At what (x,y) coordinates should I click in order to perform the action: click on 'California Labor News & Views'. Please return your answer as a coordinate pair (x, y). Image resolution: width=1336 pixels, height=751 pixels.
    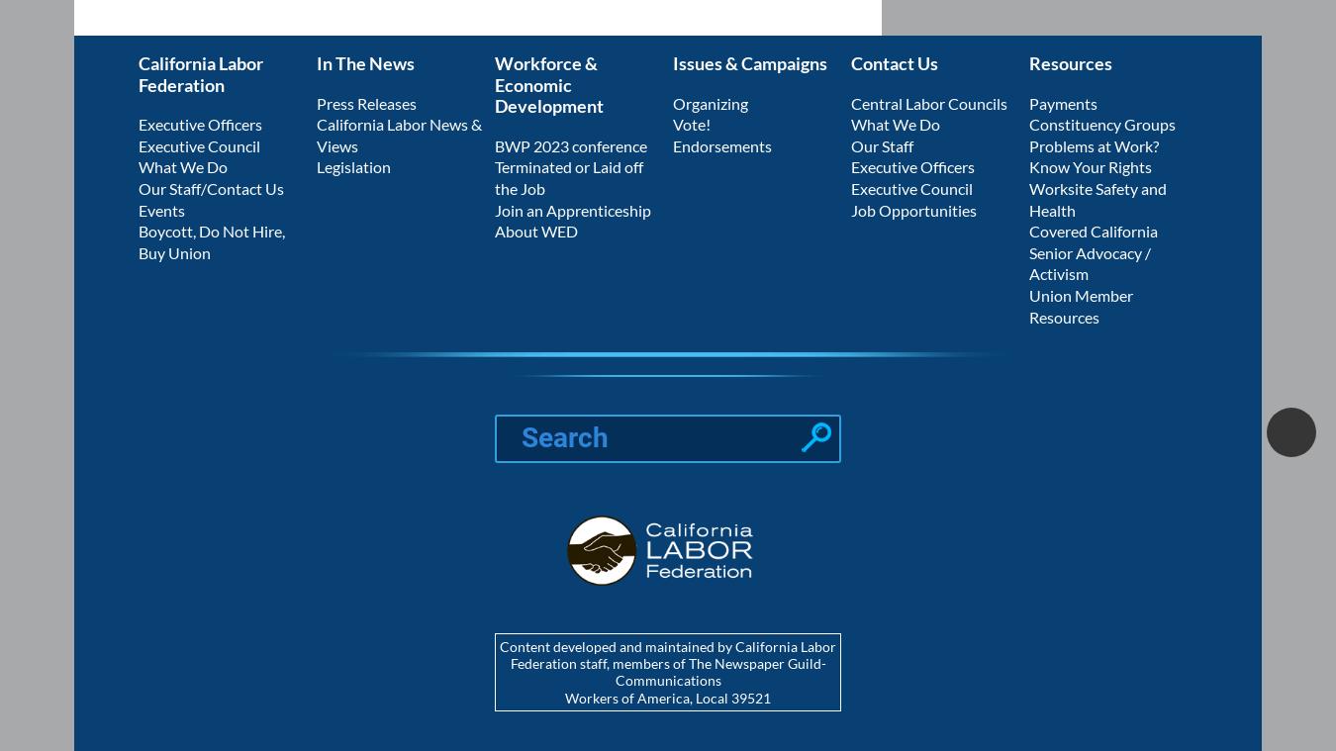
    Looking at the image, I should click on (399, 135).